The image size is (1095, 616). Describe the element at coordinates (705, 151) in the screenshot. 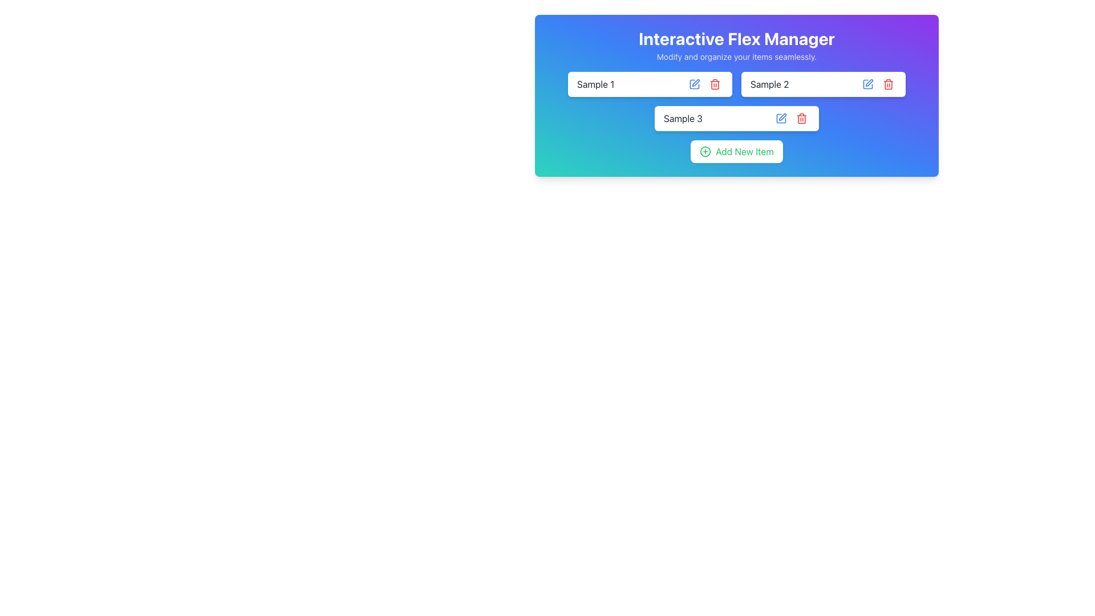

I see `the icon next to the 'Add New Item' button, which serves as a visual indicator for adding a new item` at that location.